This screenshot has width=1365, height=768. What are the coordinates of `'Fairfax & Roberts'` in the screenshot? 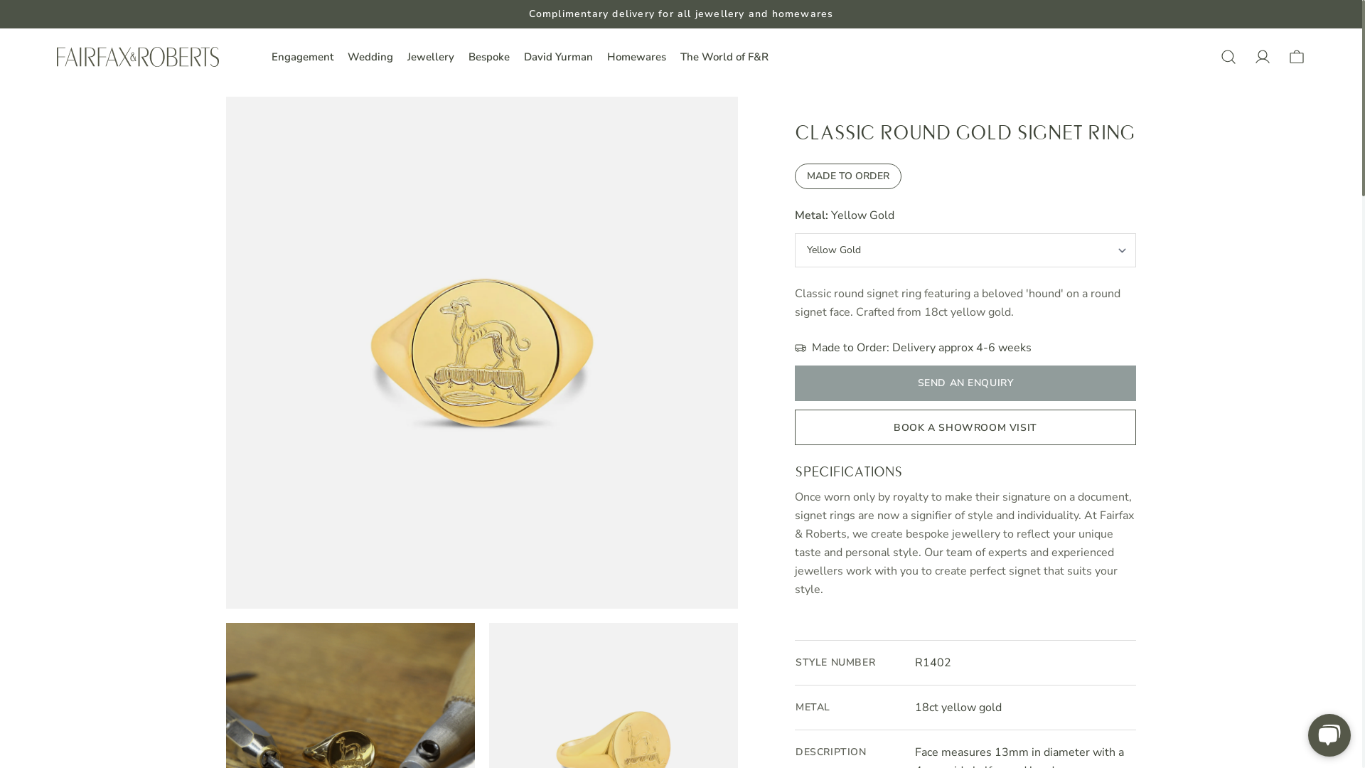 It's located at (137, 56).